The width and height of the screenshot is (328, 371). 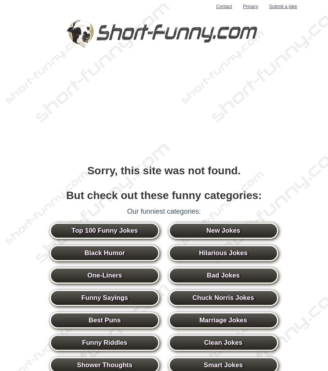 I want to click on 'Contact', so click(x=215, y=6).